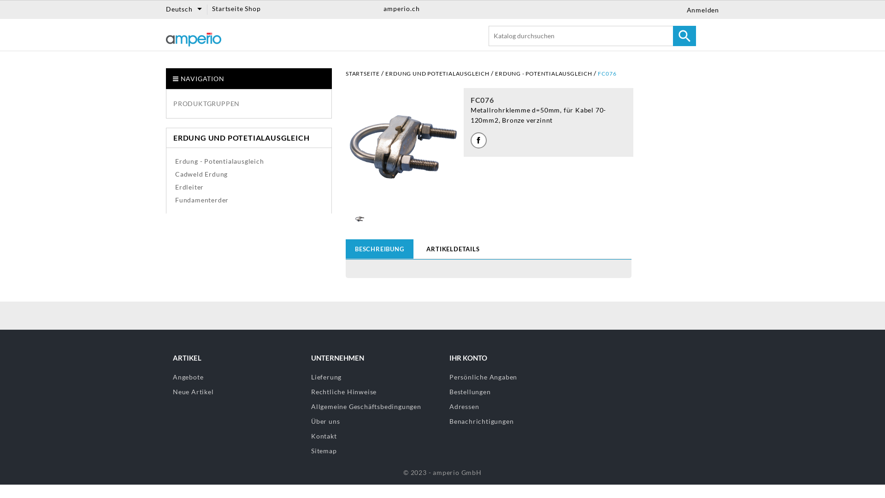  What do you see at coordinates (248, 103) in the screenshot?
I see `'PRODUKTGRUPPEN'` at bounding box center [248, 103].